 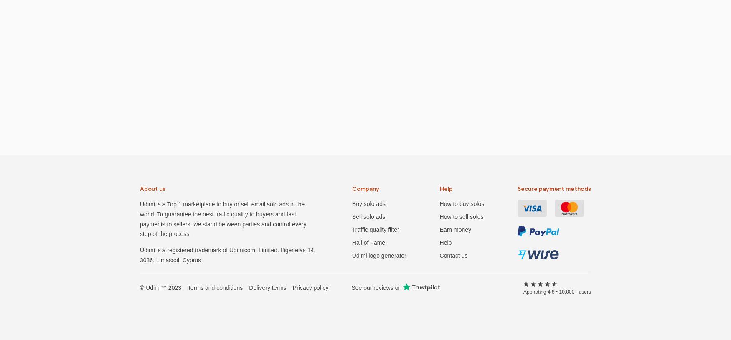 What do you see at coordinates (375, 229) in the screenshot?
I see `'Traffic quality filter'` at bounding box center [375, 229].